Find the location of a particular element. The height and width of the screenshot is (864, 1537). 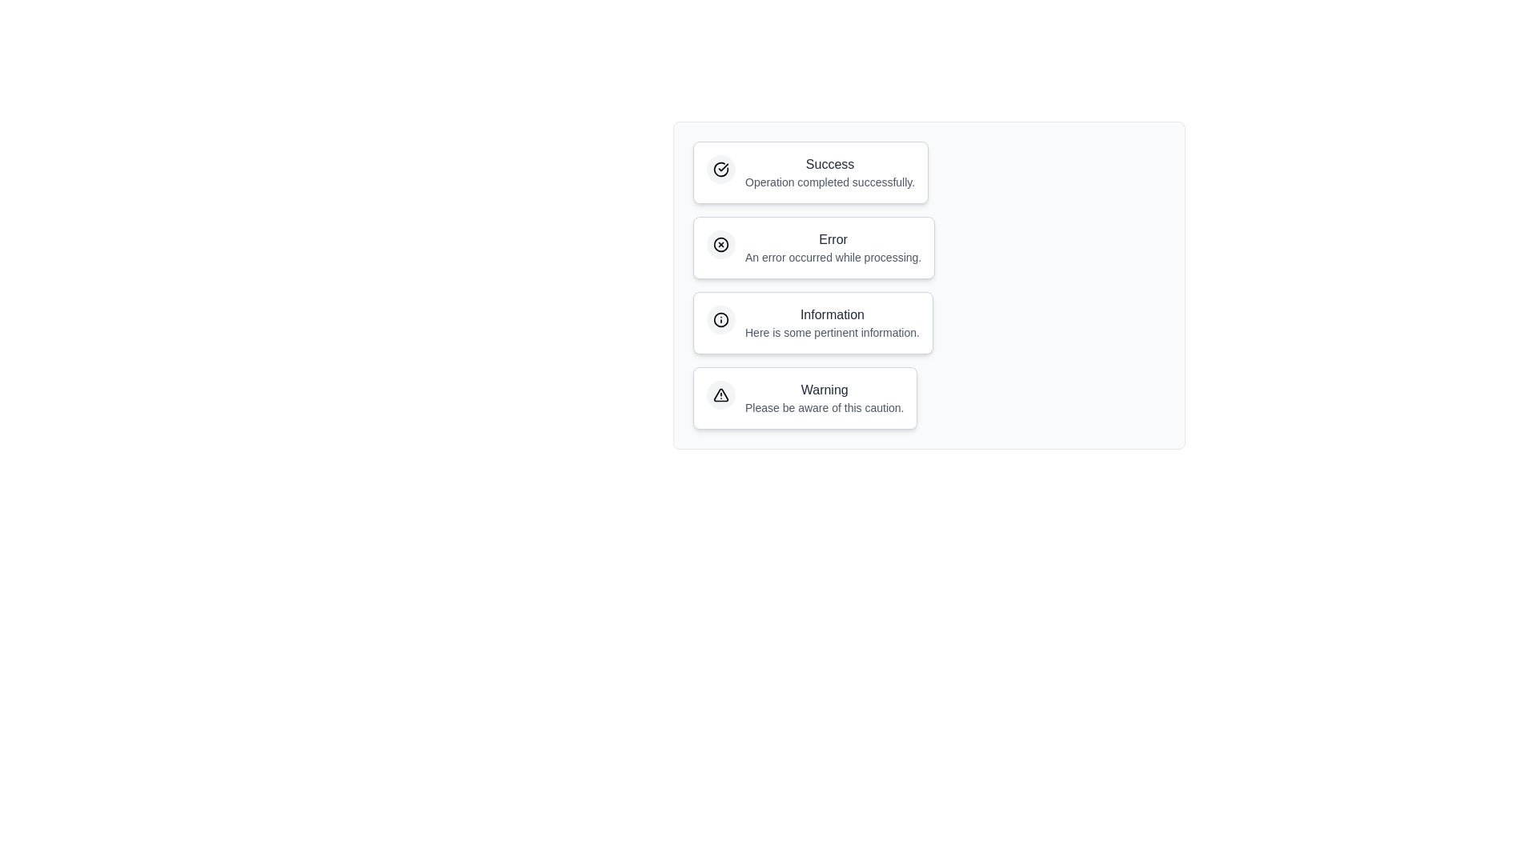

the icon within the notification chip corresponding to Warning is located at coordinates (720, 394).